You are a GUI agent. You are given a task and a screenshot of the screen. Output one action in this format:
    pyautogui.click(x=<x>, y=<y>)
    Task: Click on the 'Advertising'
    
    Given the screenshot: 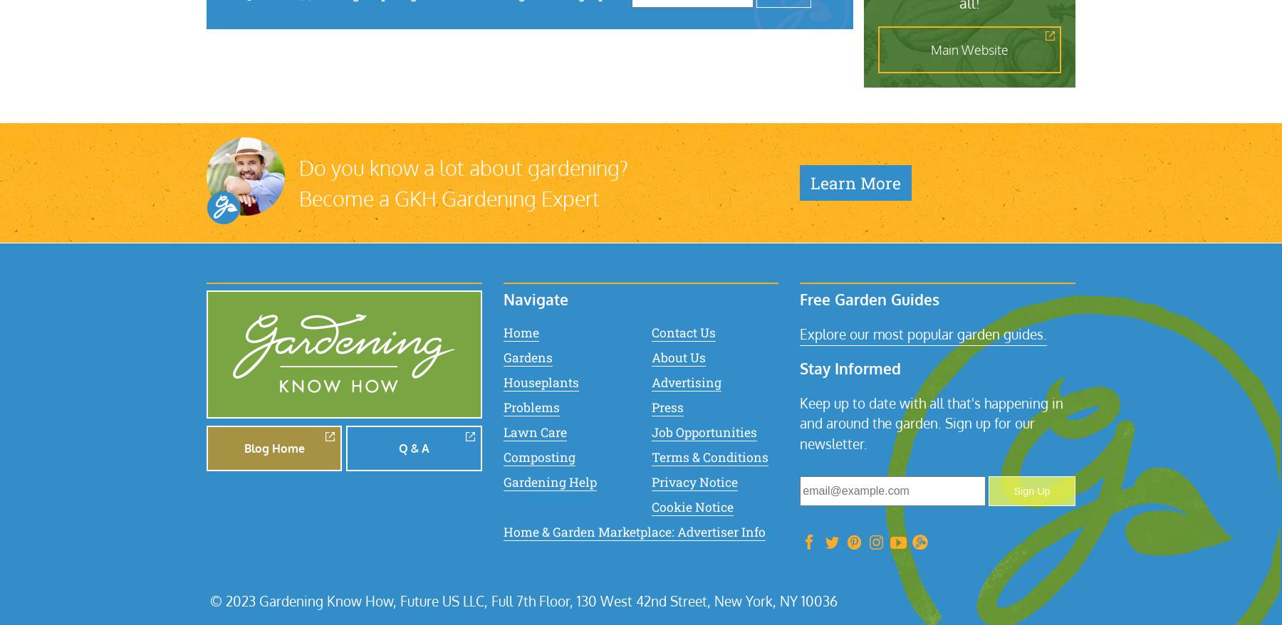 What is the action you would take?
    pyautogui.click(x=685, y=381)
    